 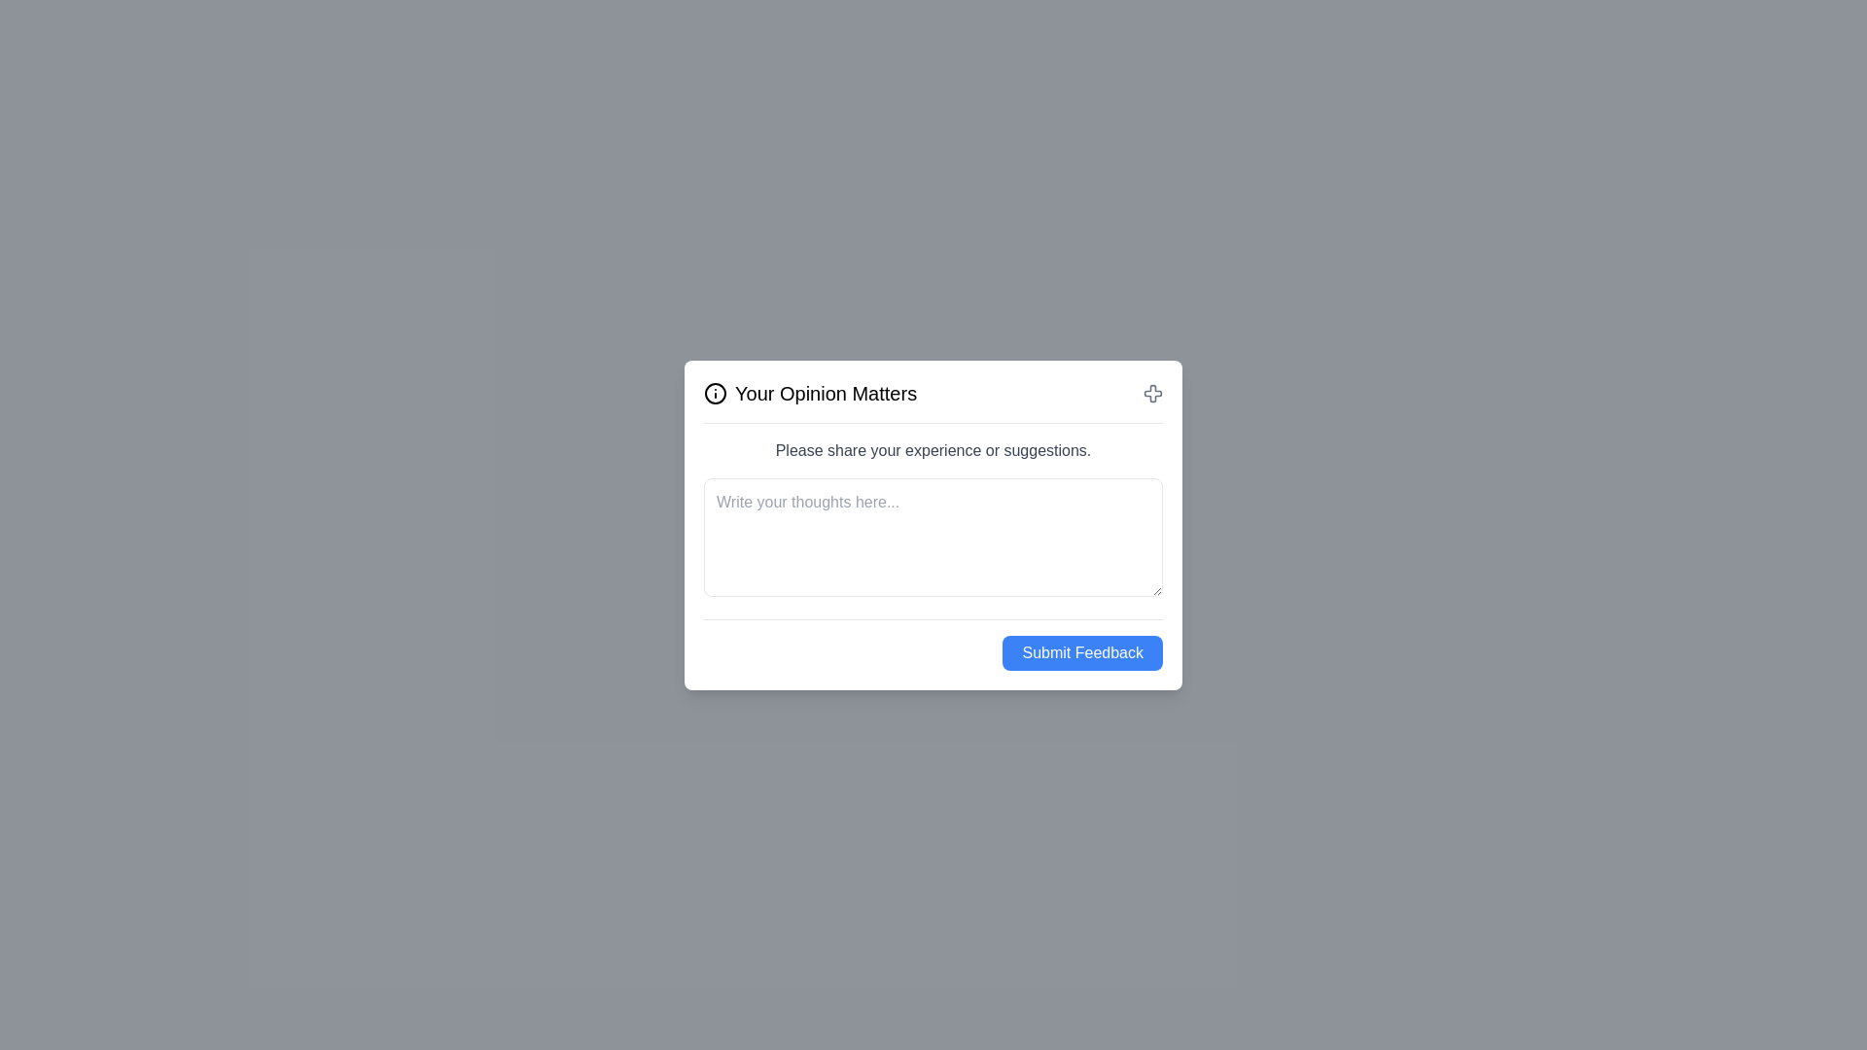 What do you see at coordinates (933, 537) in the screenshot?
I see `the feedback textarea and input the desired text` at bounding box center [933, 537].